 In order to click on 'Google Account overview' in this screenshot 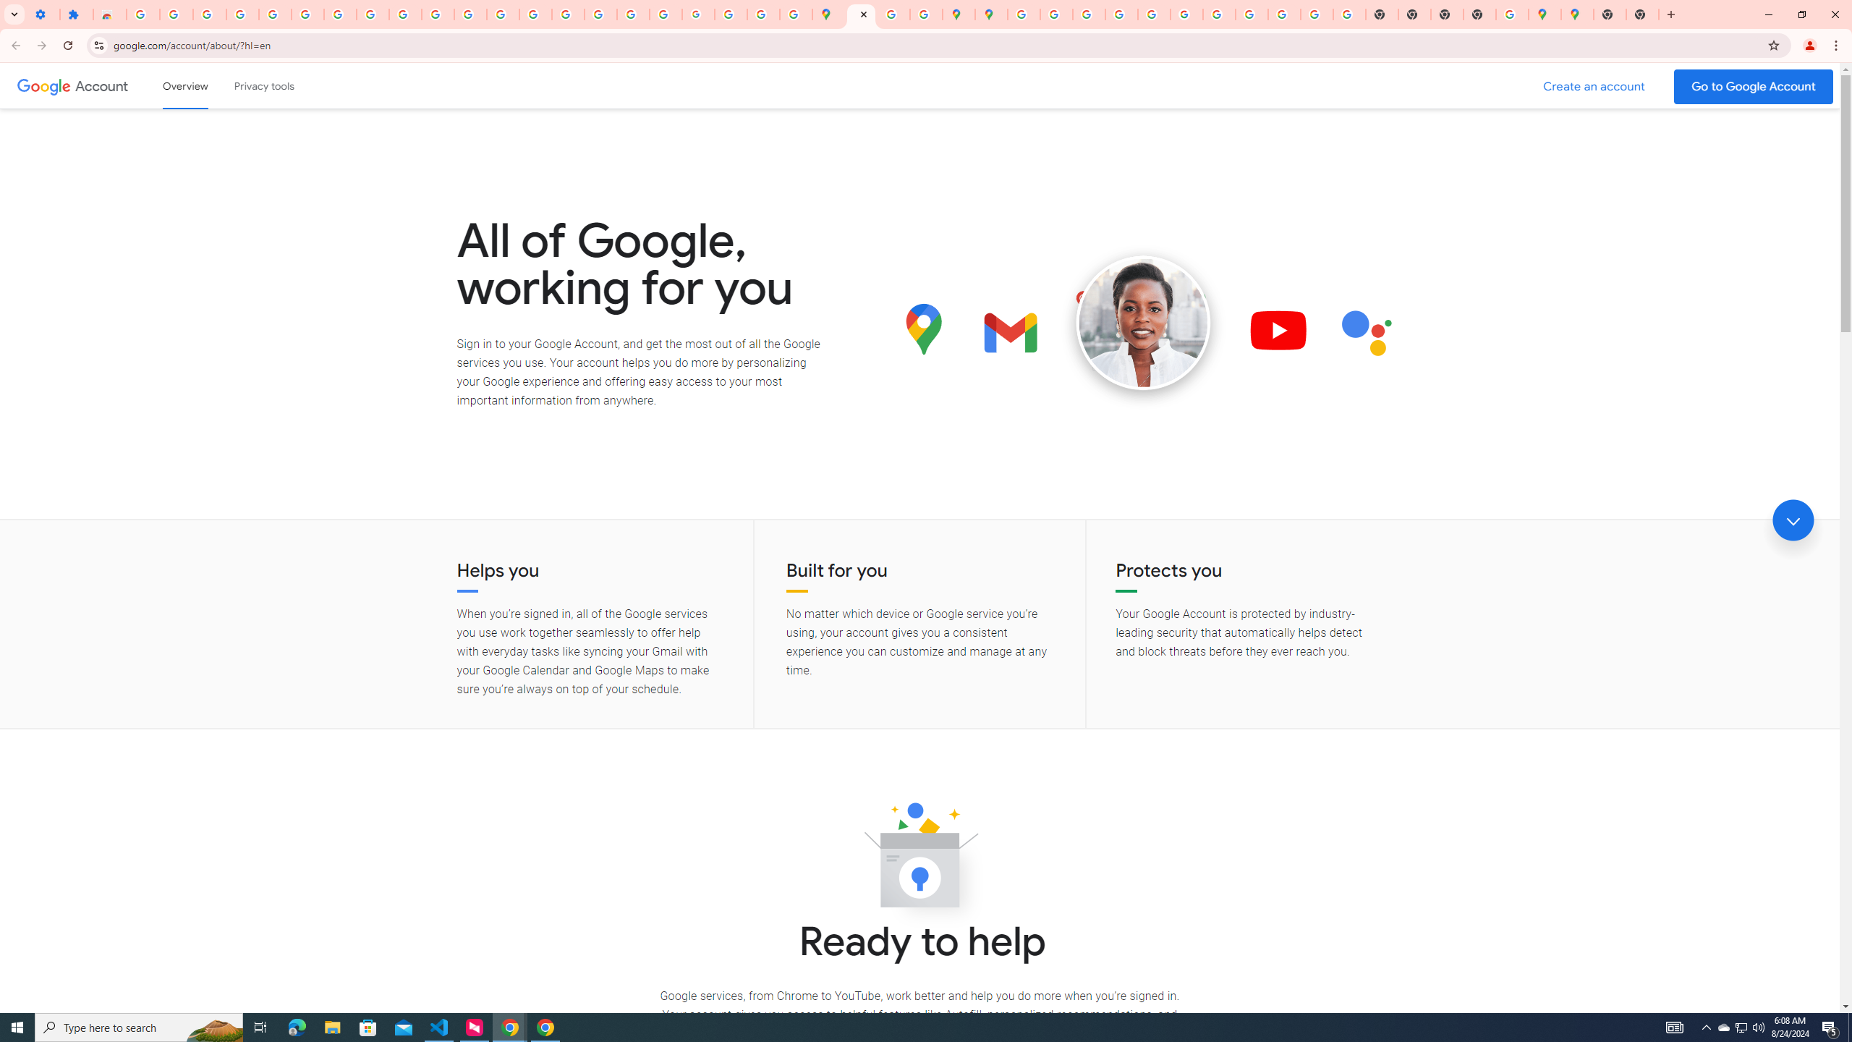, I will do `click(185, 85)`.